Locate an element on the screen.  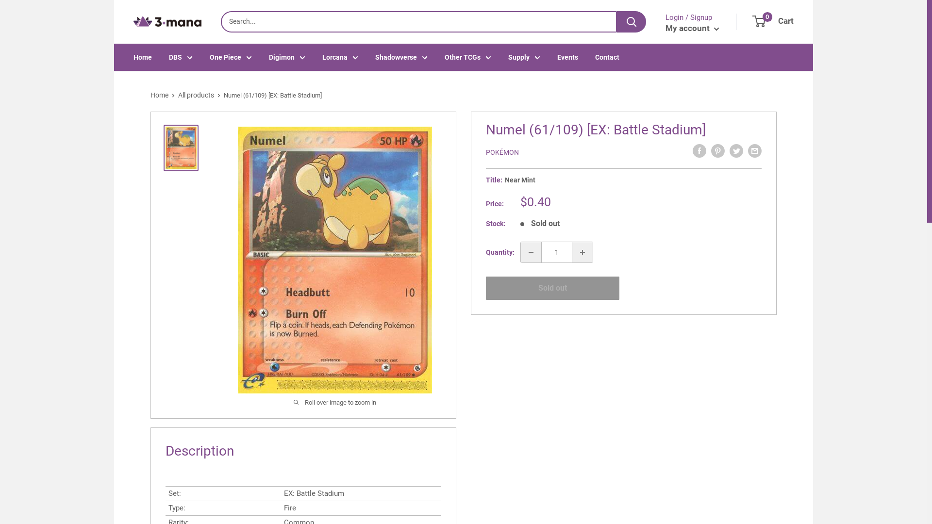
'Other TCGs' is located at coordinates (444, 57).